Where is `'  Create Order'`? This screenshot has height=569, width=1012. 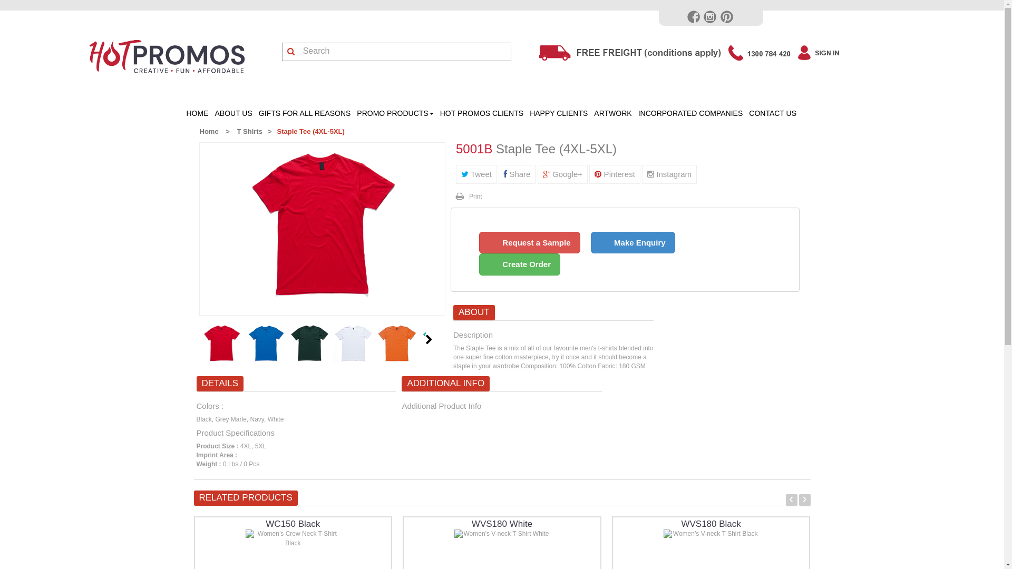
'  Create Order' is located at coordinates (519, 263).